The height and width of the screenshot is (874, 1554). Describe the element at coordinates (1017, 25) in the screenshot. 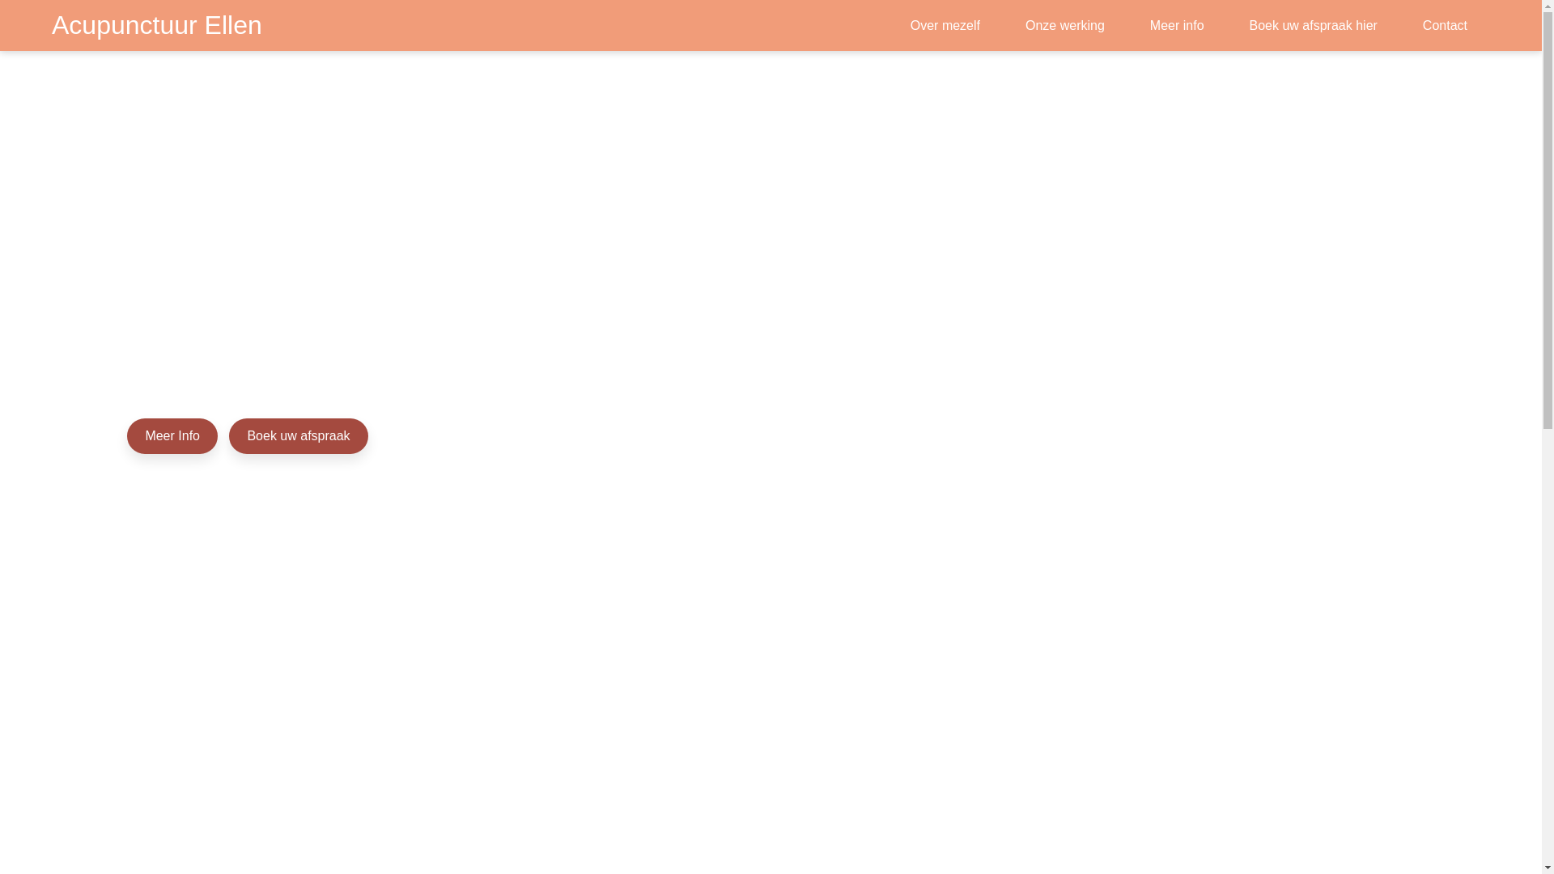

I see `'Onze werking'` at that location.